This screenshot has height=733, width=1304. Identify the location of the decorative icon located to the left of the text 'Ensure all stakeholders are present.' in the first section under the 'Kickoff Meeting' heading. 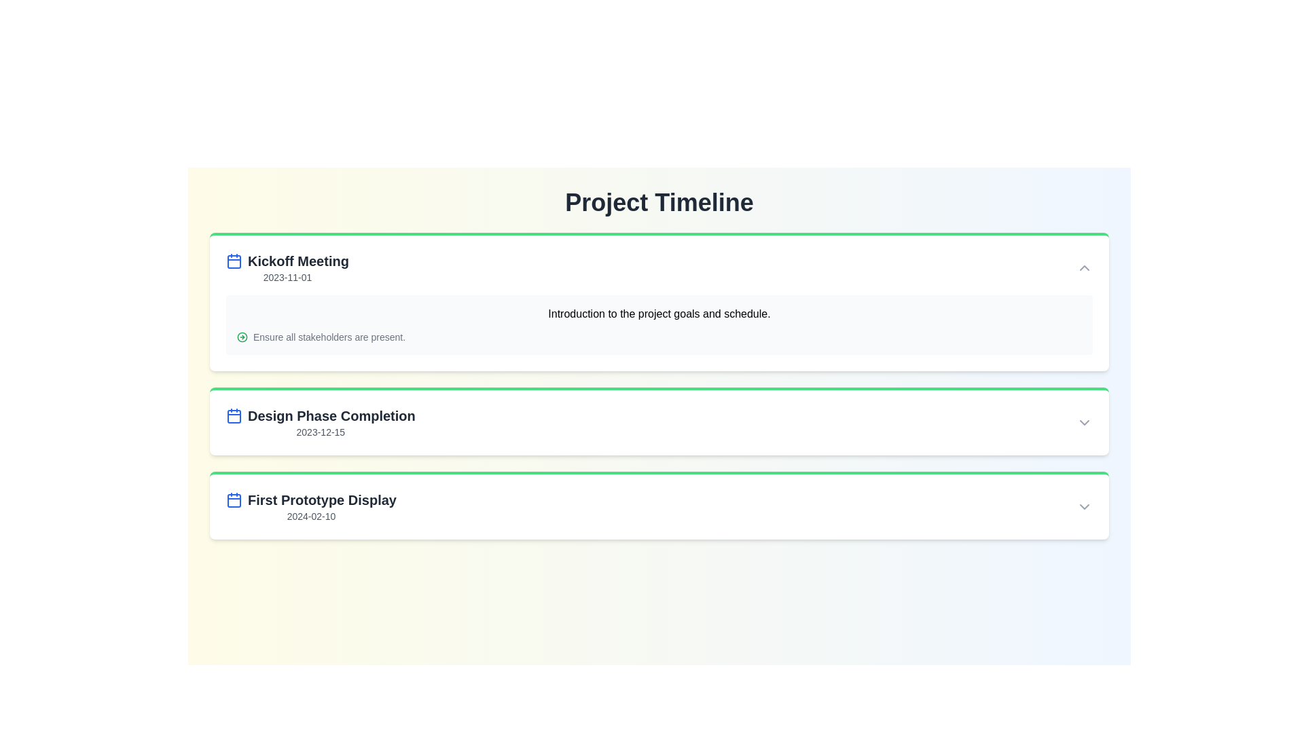
(242, 337).